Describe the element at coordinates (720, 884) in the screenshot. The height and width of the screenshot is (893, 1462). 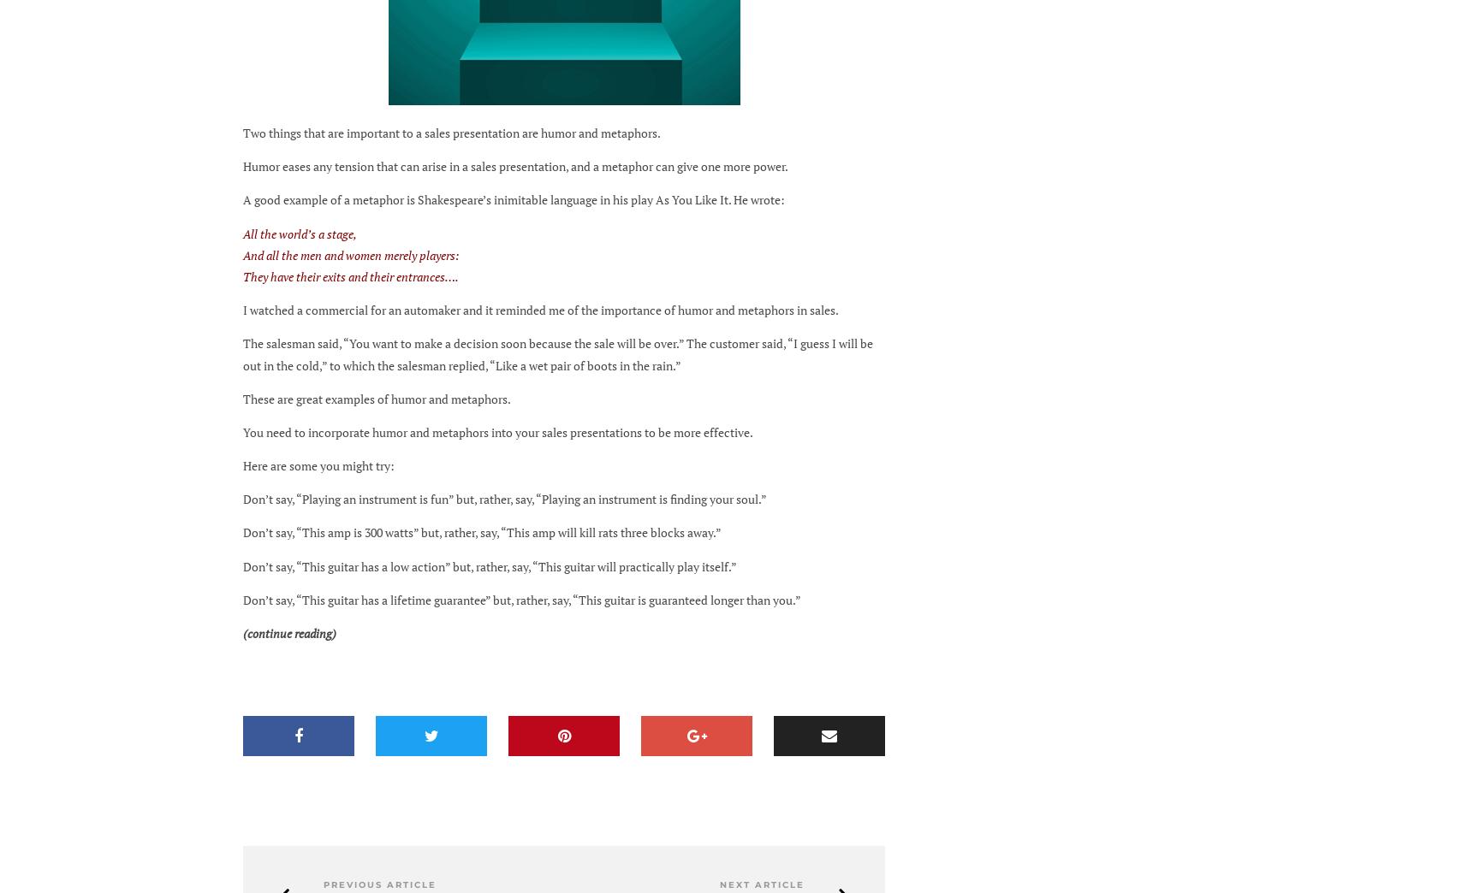
I see `'Next Article'` at that location.